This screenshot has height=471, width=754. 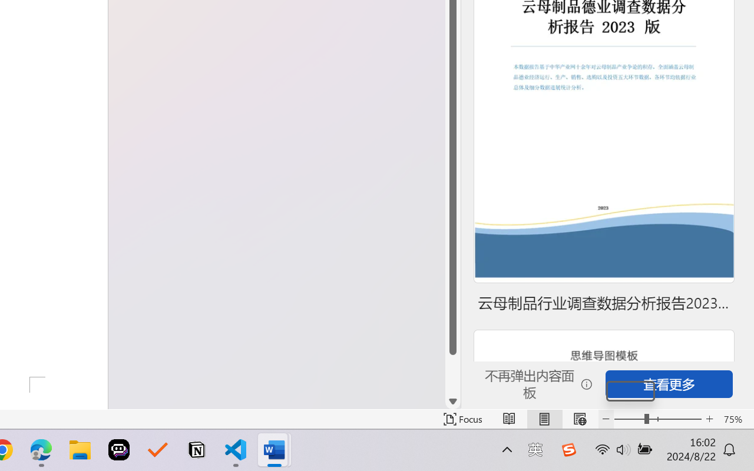 I want to click on 'Class: Image', so click(x=568, y=450).